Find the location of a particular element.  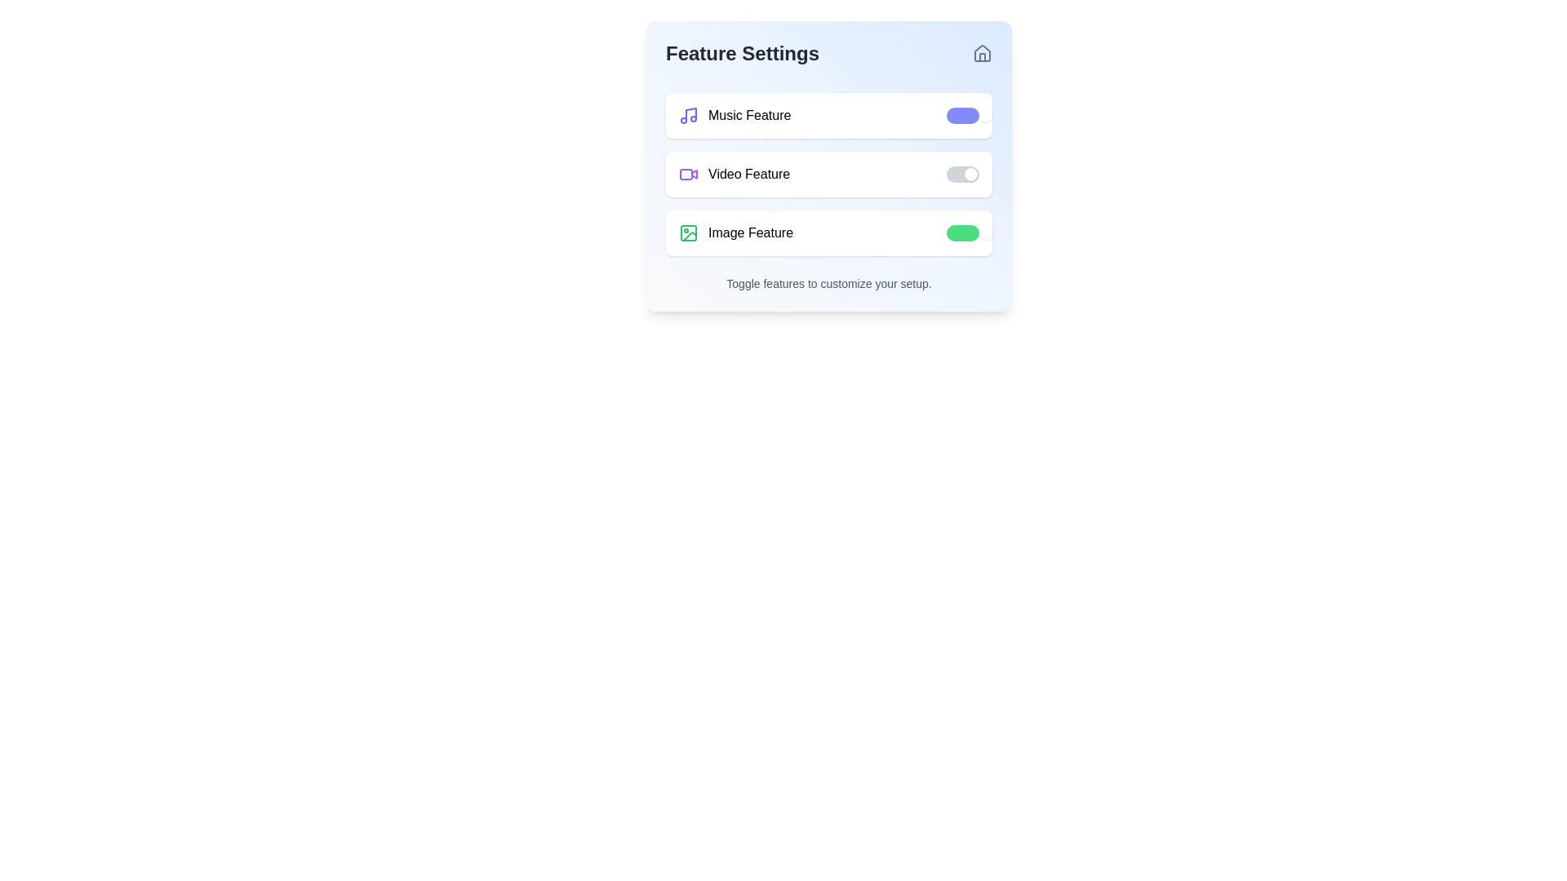

the toggle switch for the 'Music Feature' located at the far right of the first row is located at coordinates (963, 115).